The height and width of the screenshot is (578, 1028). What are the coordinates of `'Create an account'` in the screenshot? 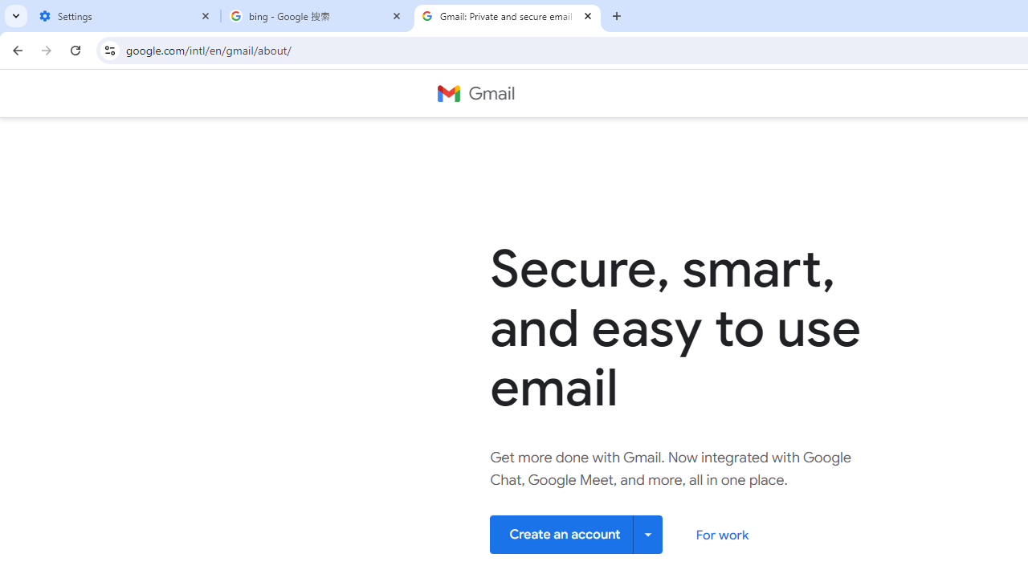 It's located at (577, 534).